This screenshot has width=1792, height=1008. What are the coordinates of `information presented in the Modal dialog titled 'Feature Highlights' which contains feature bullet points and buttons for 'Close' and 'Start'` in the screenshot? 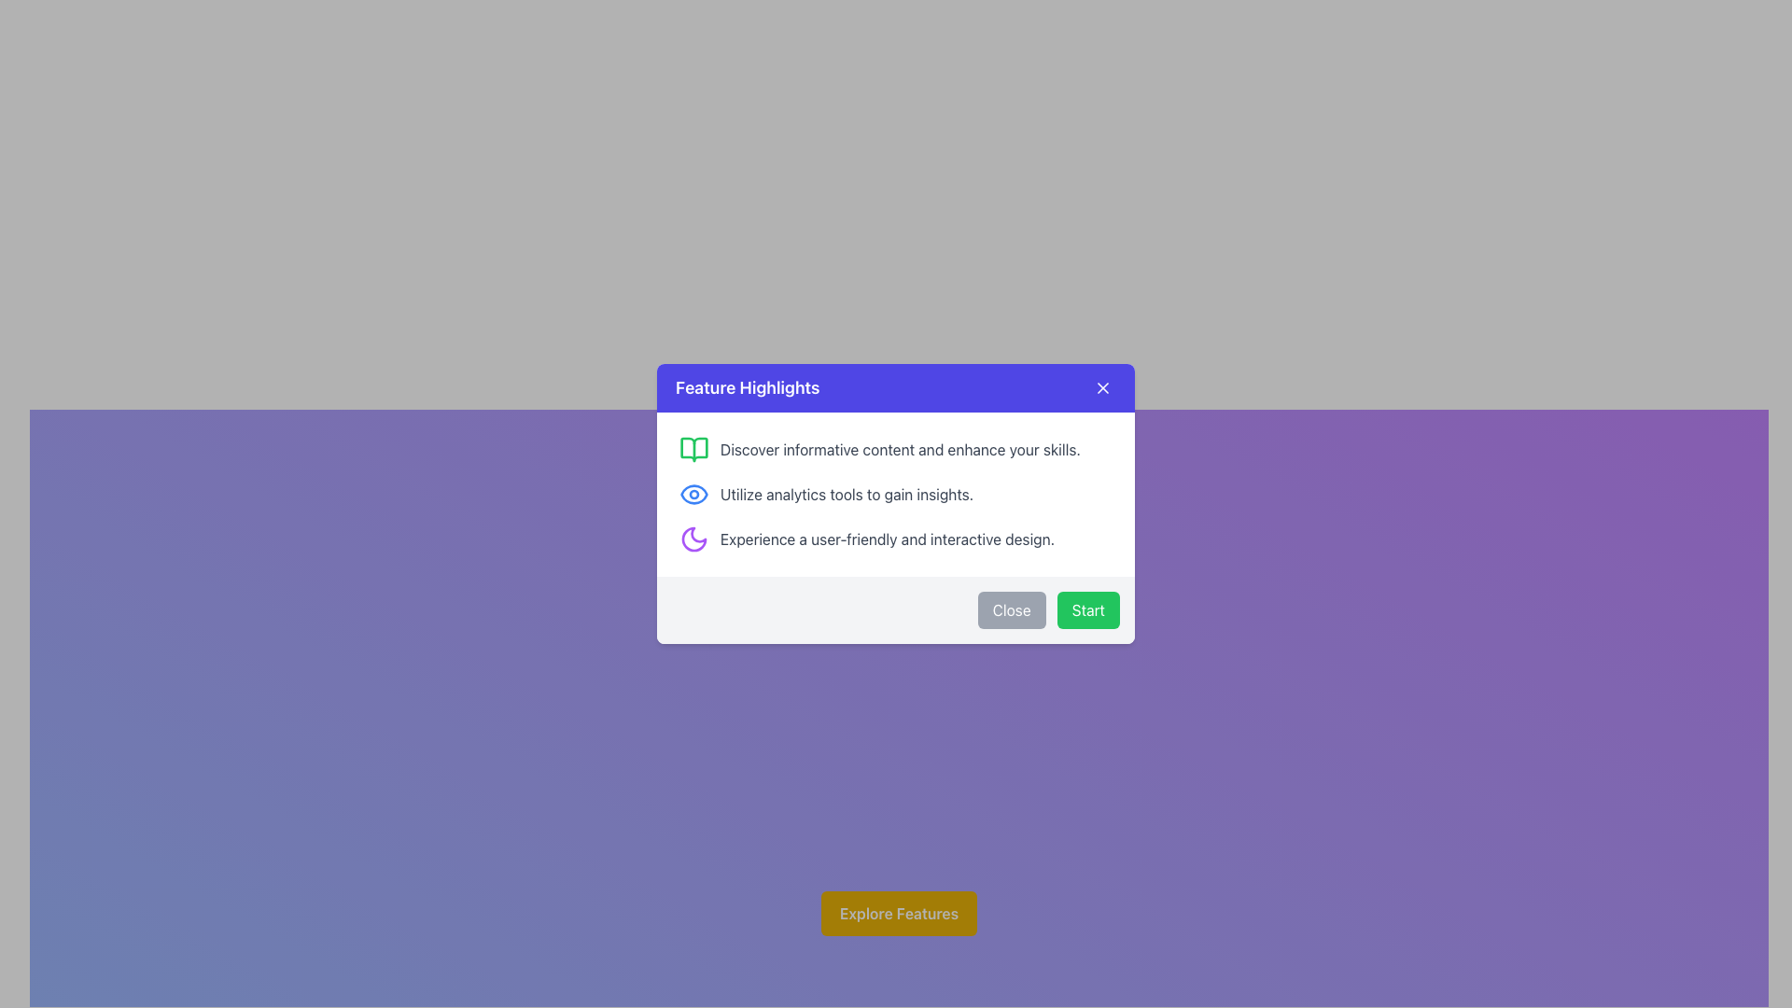 It's located at (896, 504).